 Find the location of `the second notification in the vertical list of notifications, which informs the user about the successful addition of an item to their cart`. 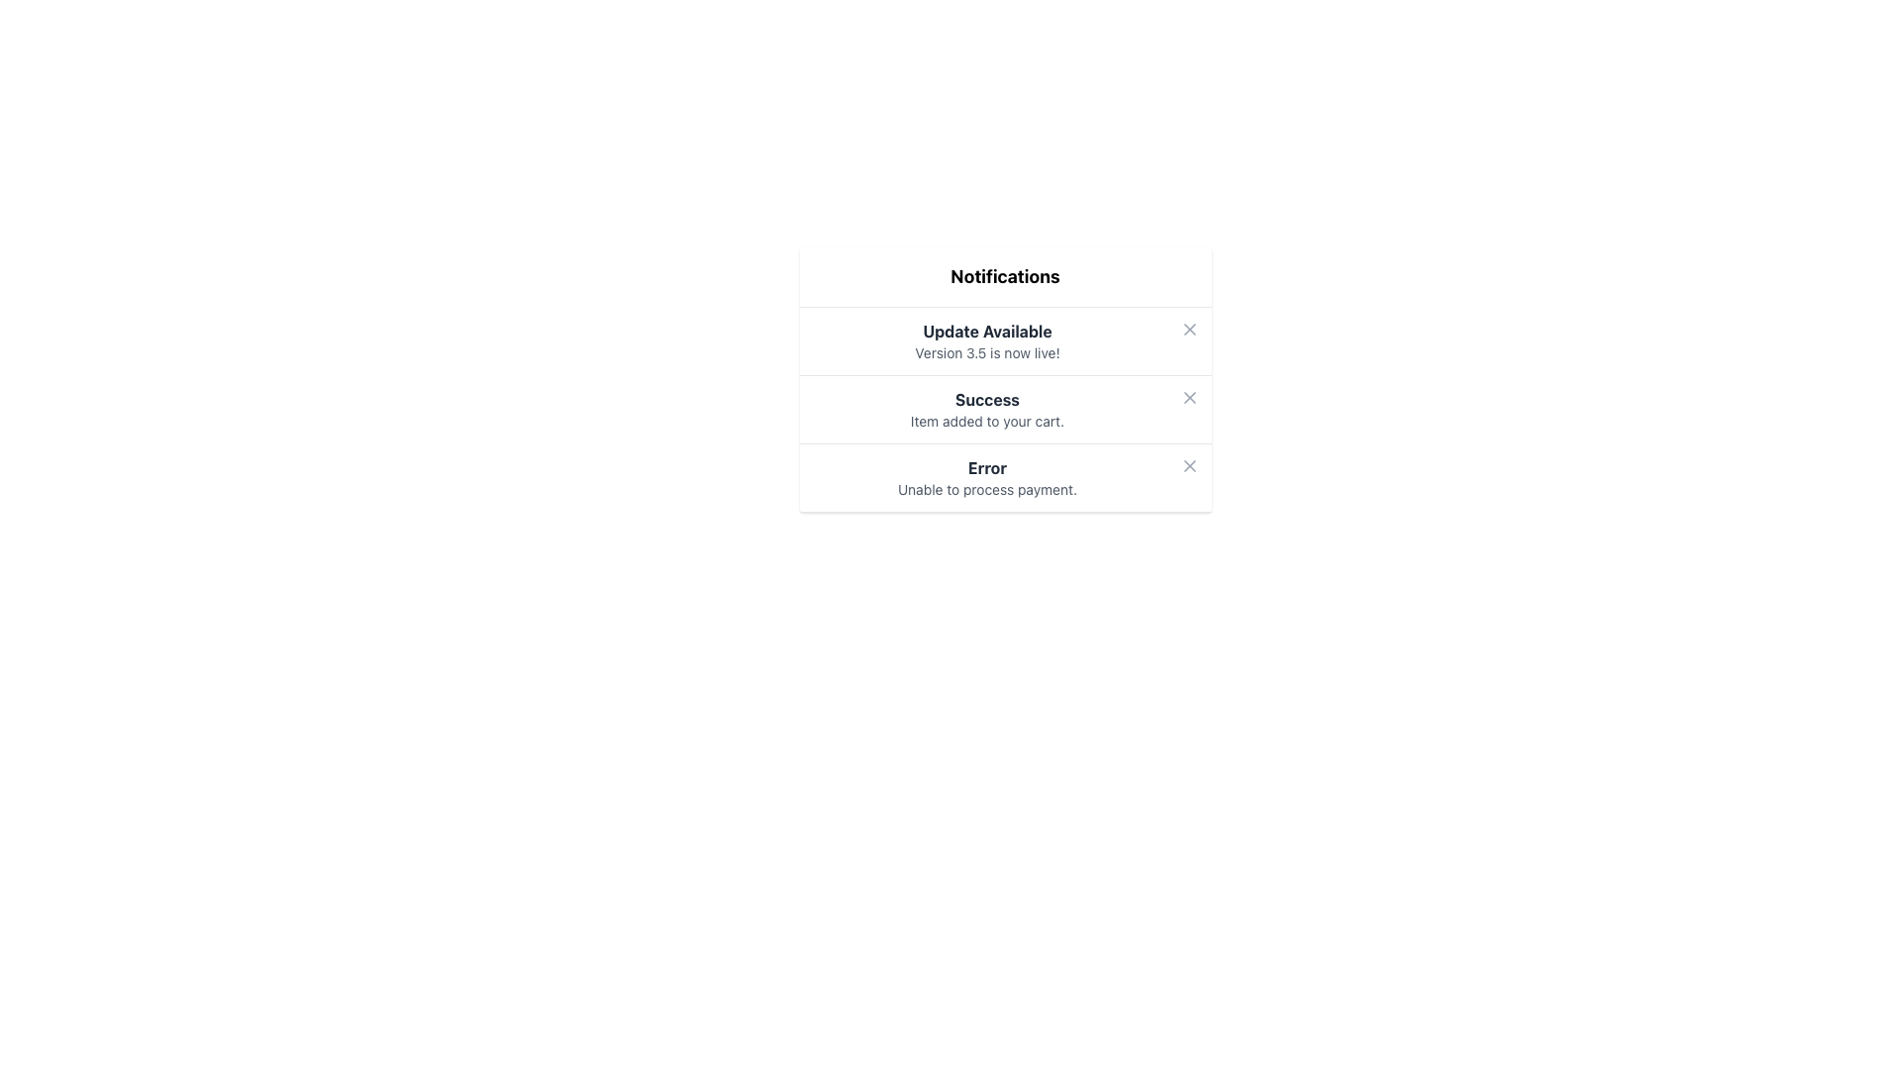

the second notification in the vertical list of notifications, which informs the user about the successful addition of an item to their cart is located at coordinates (1005, 409).